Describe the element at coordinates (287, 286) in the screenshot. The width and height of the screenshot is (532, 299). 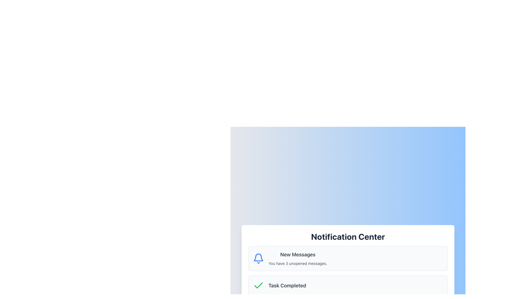
I see `the Text Label indicating 'Task Completed' within the notification card, located to the right of the green checkmark icon` at that location.